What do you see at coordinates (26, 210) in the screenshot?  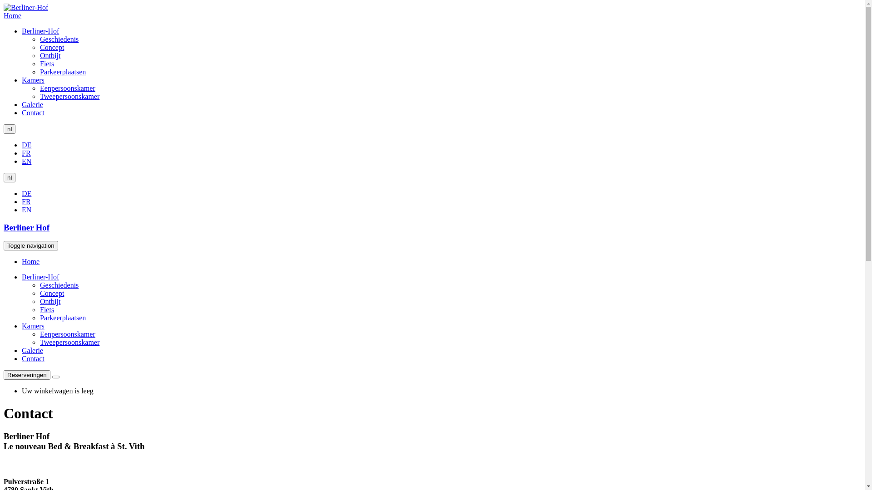 I see `'EN'` at bounding box center [26, 210].